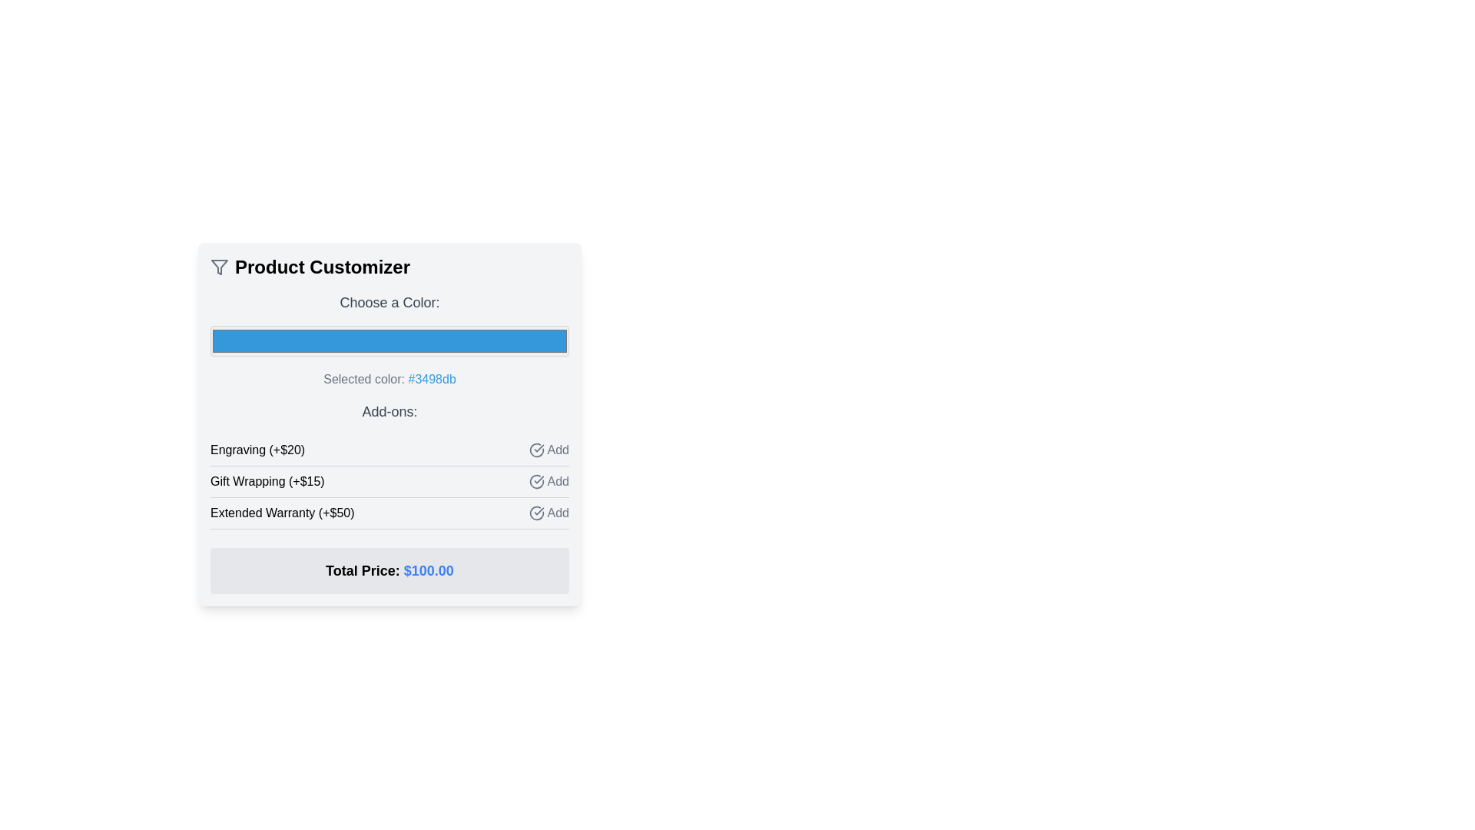  I want to click on the 'Add' label, which is a gray textual label positioned at the far right of the 'Engraving (+$20)' row in the 'Add-ons' section, so click(557, 450).